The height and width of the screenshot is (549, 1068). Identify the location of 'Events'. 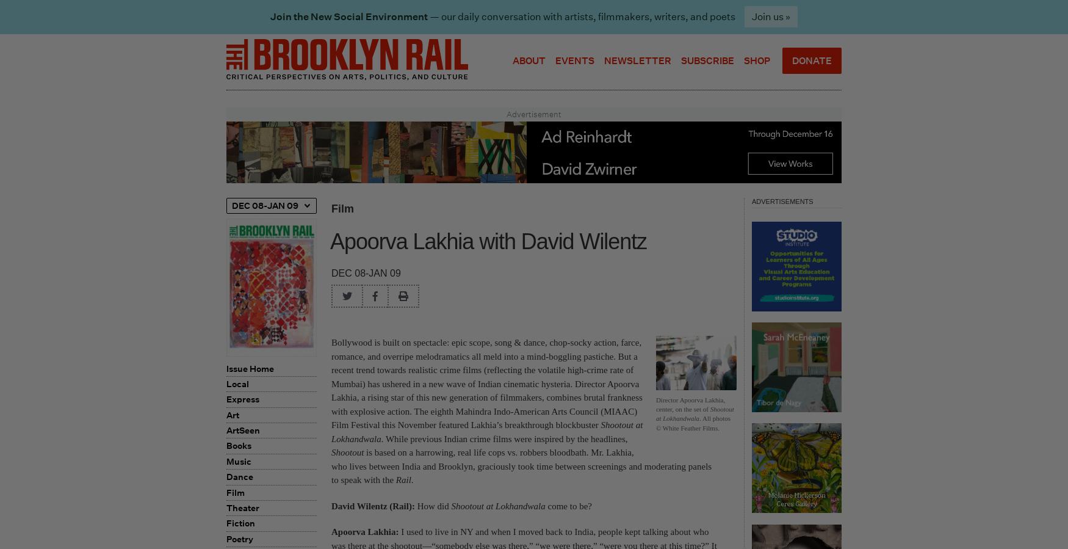
(575, 59).